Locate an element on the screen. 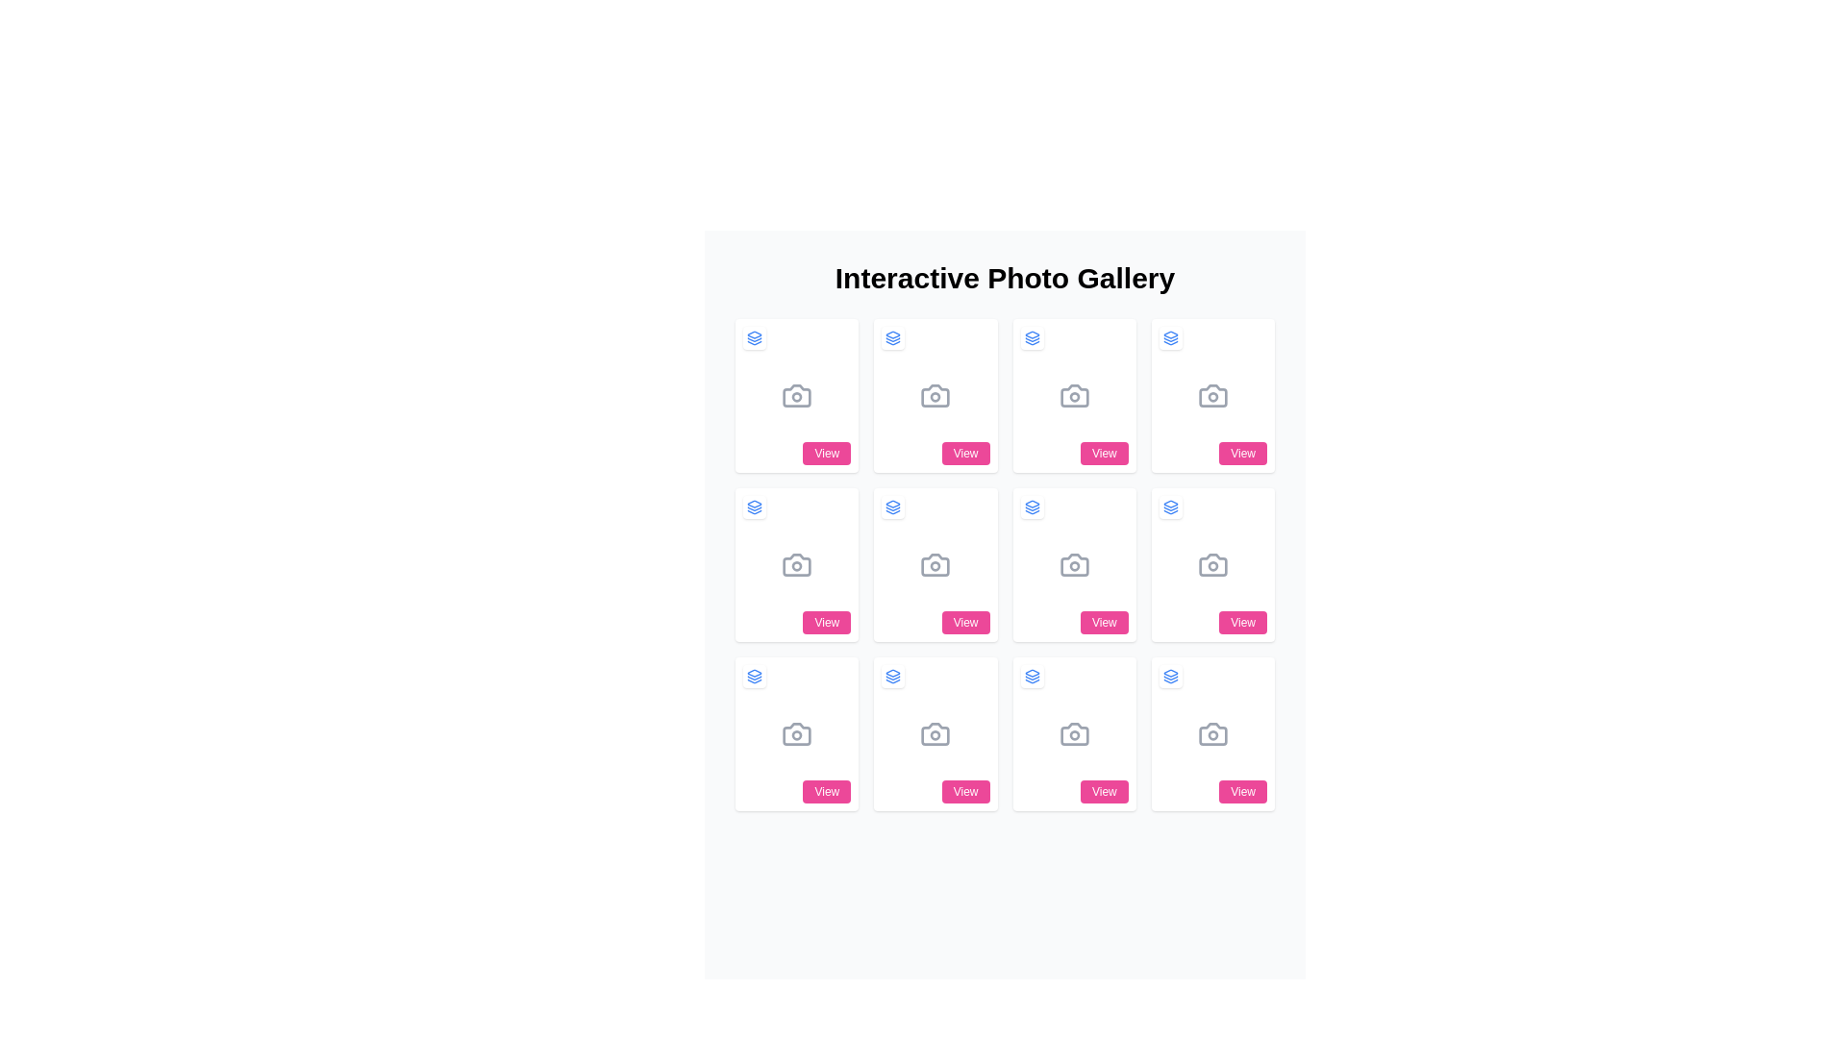 Image resolution: width=1846 pixels, height=1038 pixels. the 'View' button located on the Card situated in the third row and fourth column of the grid layout is located at coordinates (1211, 563).